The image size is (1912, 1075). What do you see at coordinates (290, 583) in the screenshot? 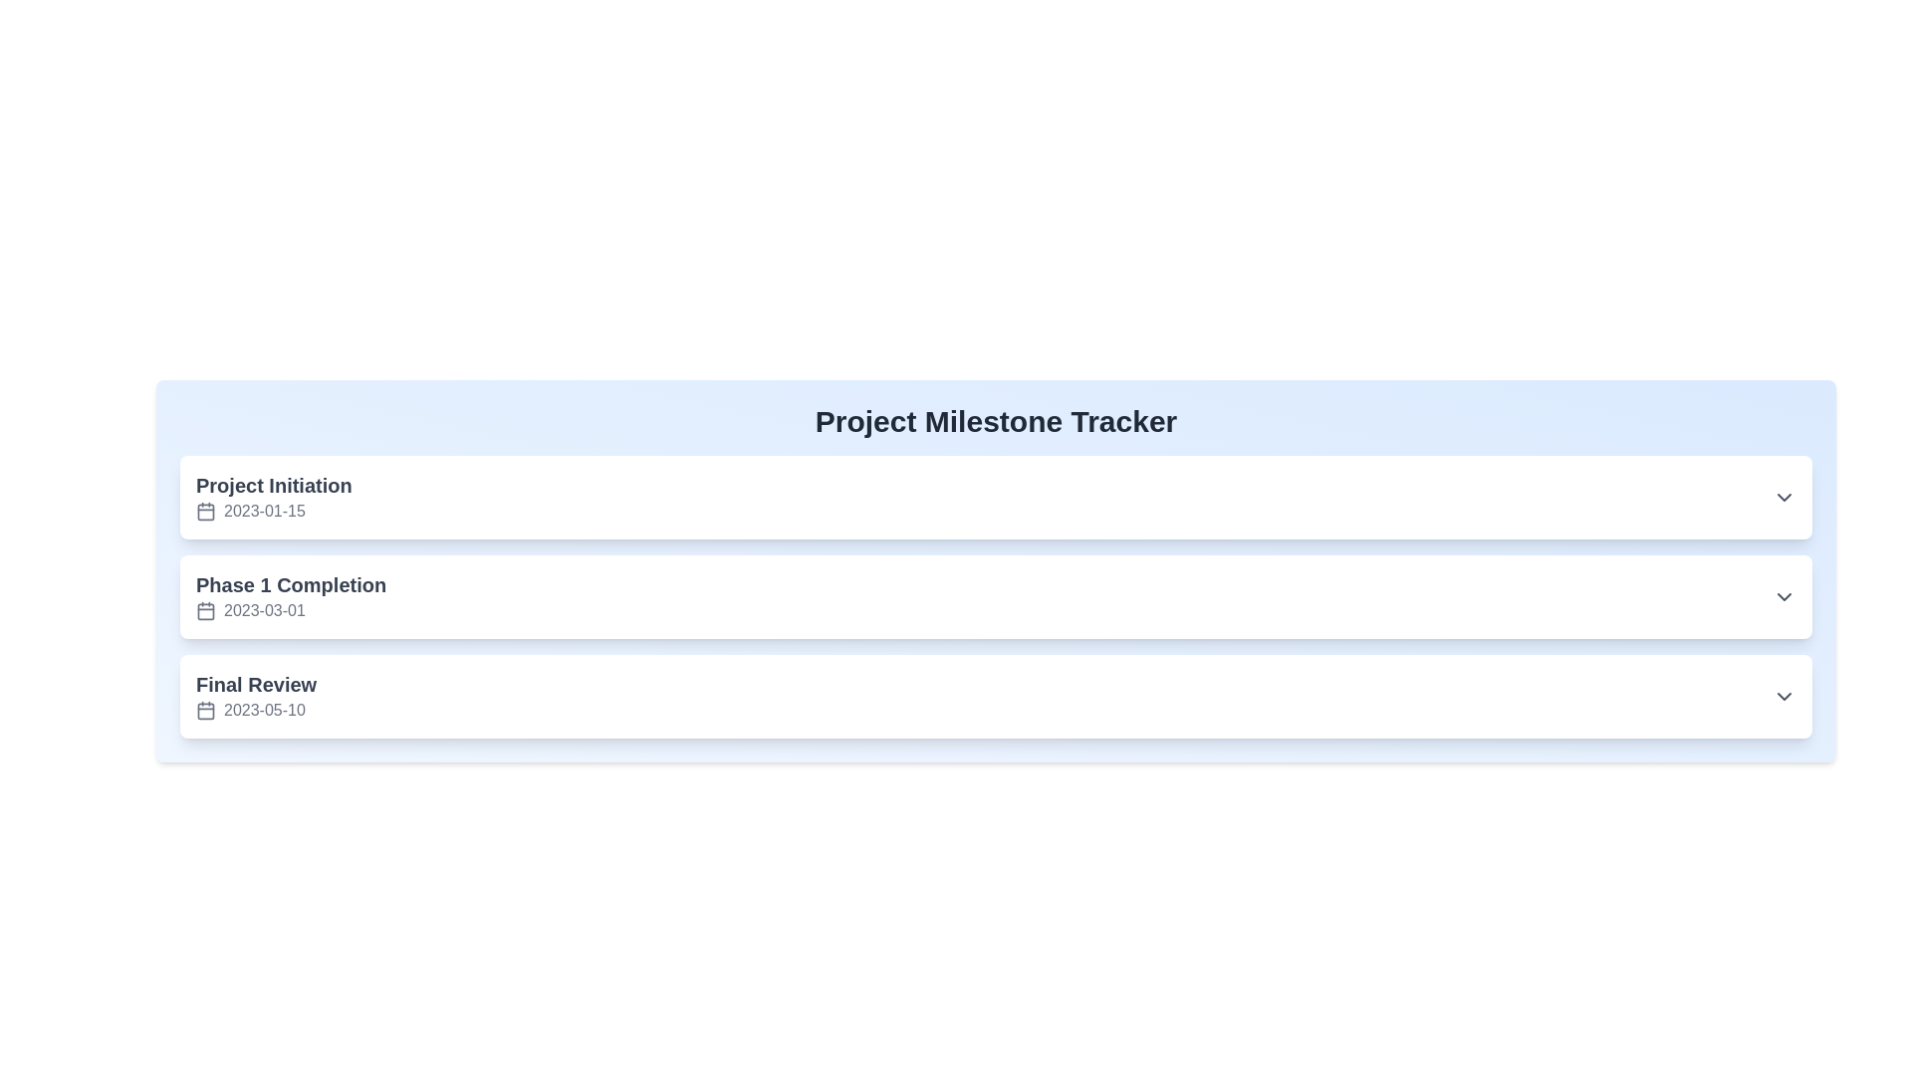
I see `the text label for the milestone 'Phase 1 Completion', which is located on the left side of the interface above the date '2023-03-01'` at bounding box center [290, 583].